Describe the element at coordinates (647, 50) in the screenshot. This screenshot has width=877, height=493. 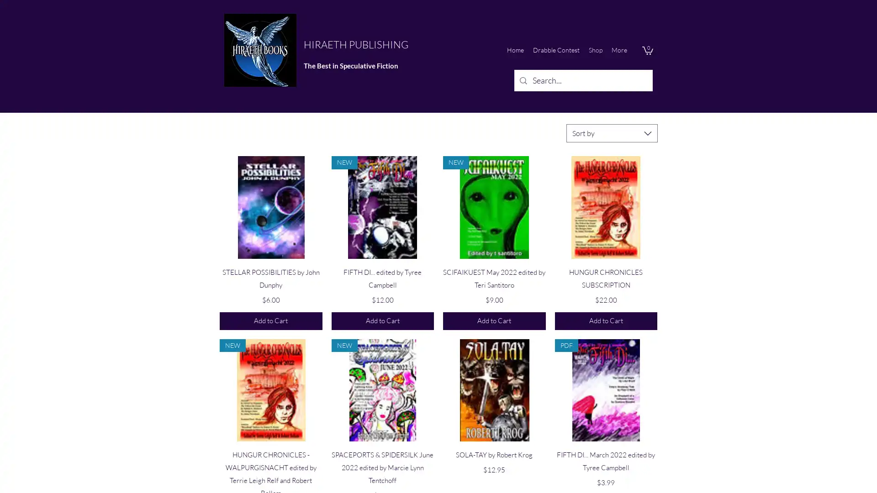
I see `Cart with 0 items` at that location.